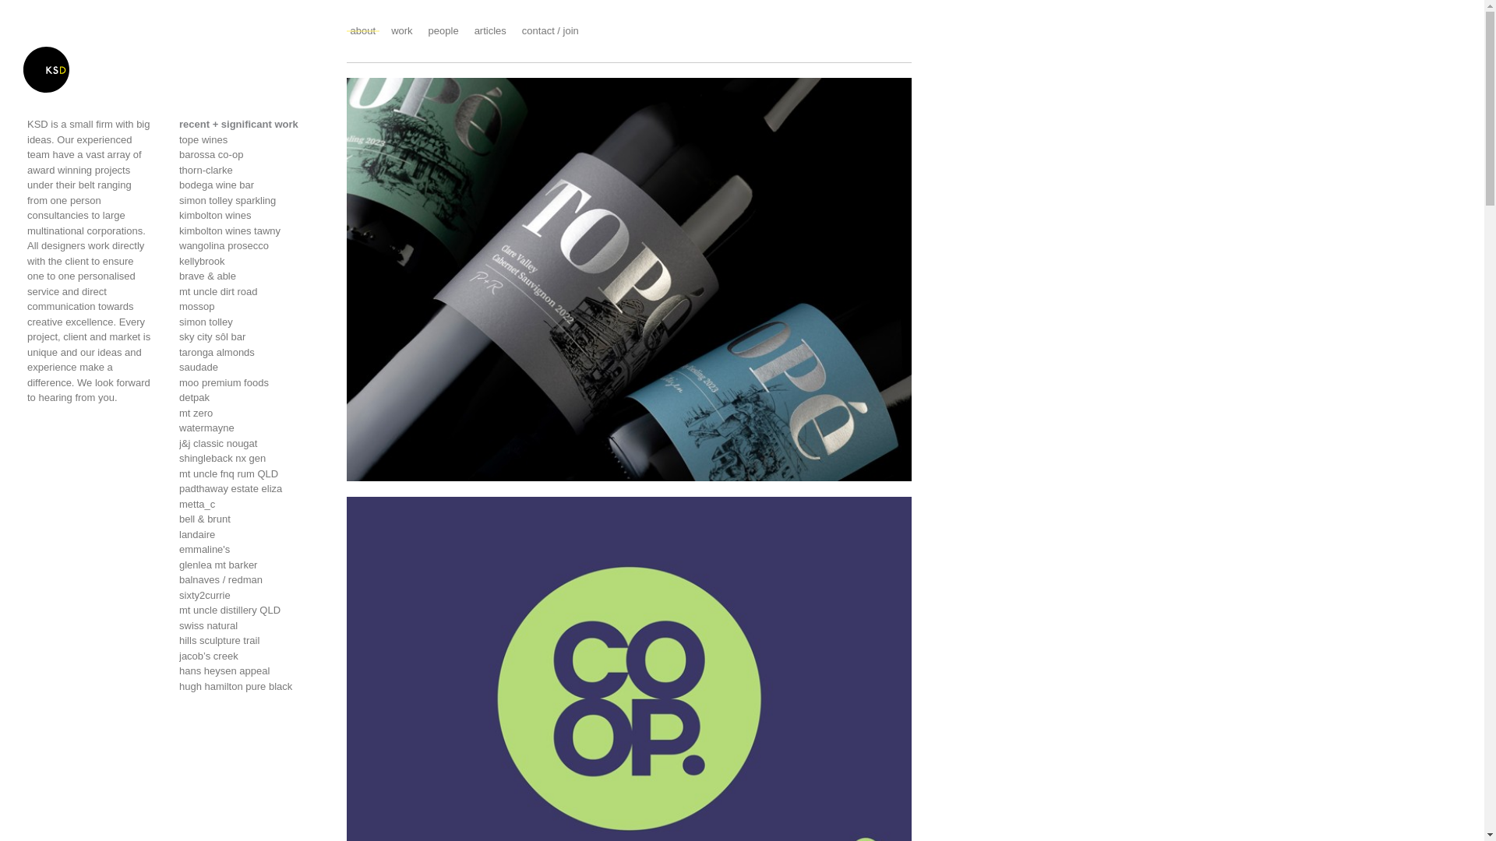 The image size is (1496, 841). What do you see at coordinates (249, 291) in the screenshot?
I see `'mt uncle dirt road'` at bounding box center [249, 291].